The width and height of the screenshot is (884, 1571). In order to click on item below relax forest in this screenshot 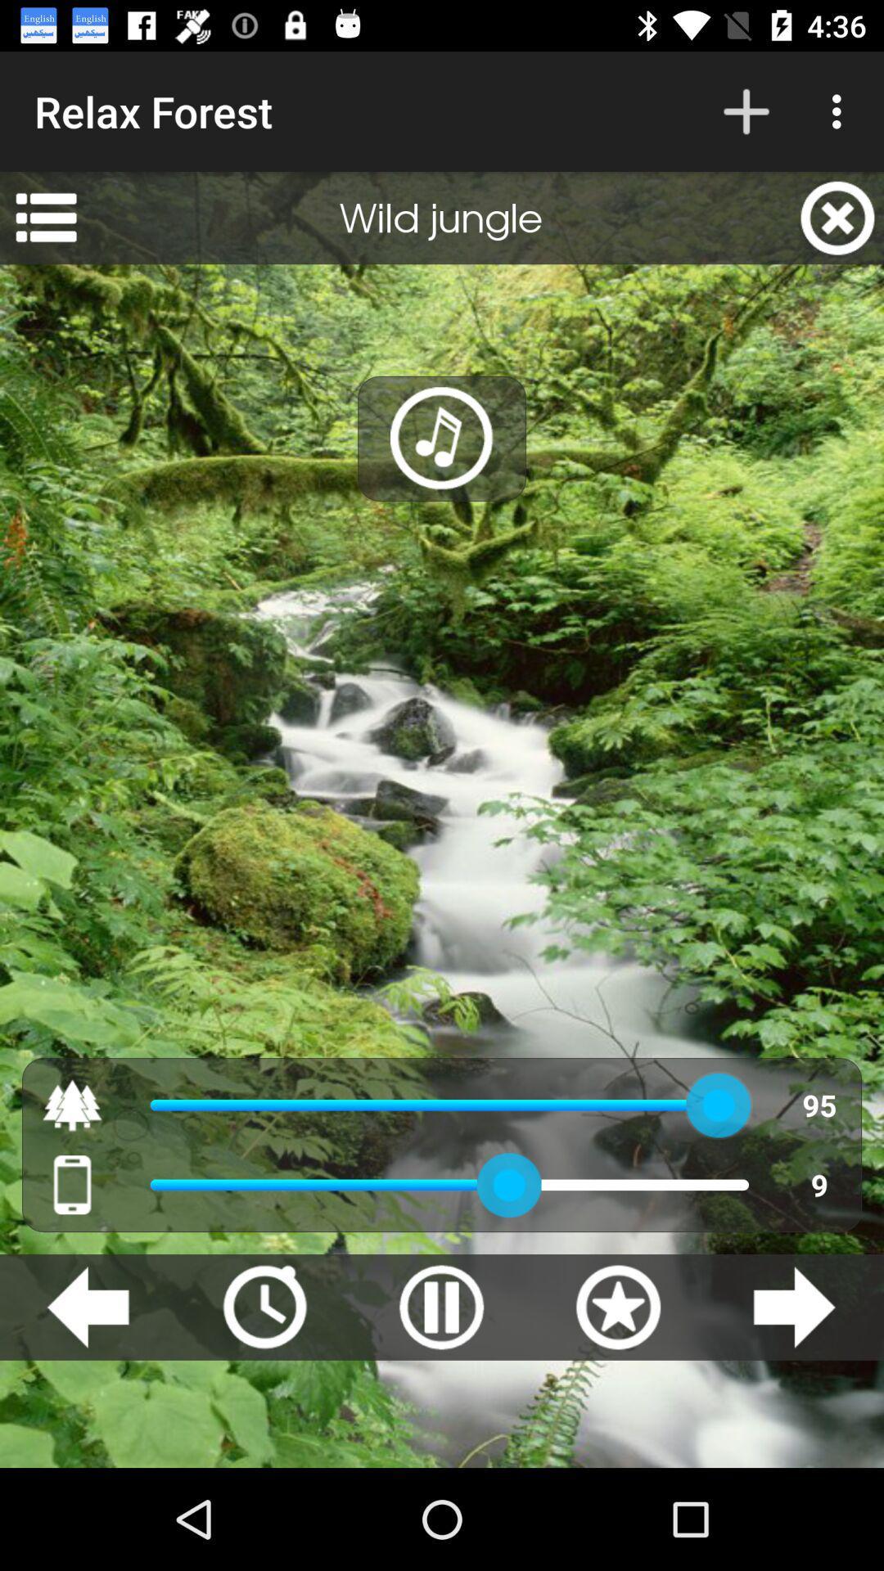, I will do `click(45, 217)`.